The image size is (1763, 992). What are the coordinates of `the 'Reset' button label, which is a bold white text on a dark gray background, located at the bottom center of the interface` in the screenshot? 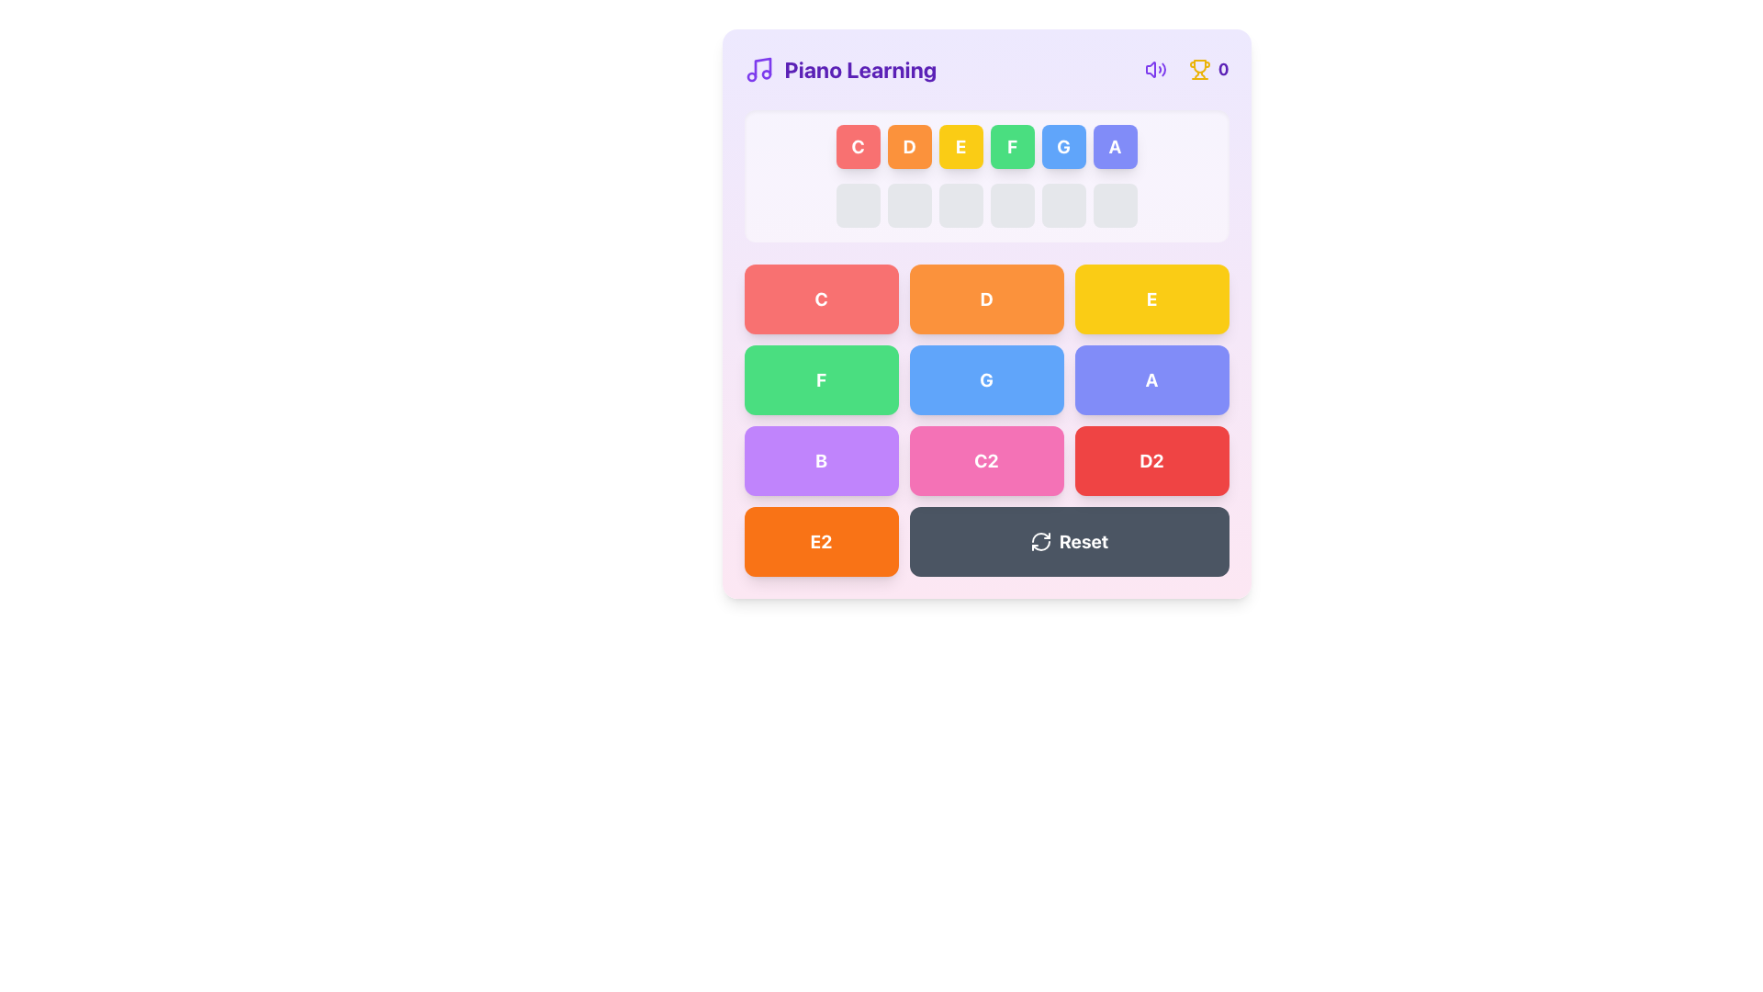 It's located at (1084, 541).